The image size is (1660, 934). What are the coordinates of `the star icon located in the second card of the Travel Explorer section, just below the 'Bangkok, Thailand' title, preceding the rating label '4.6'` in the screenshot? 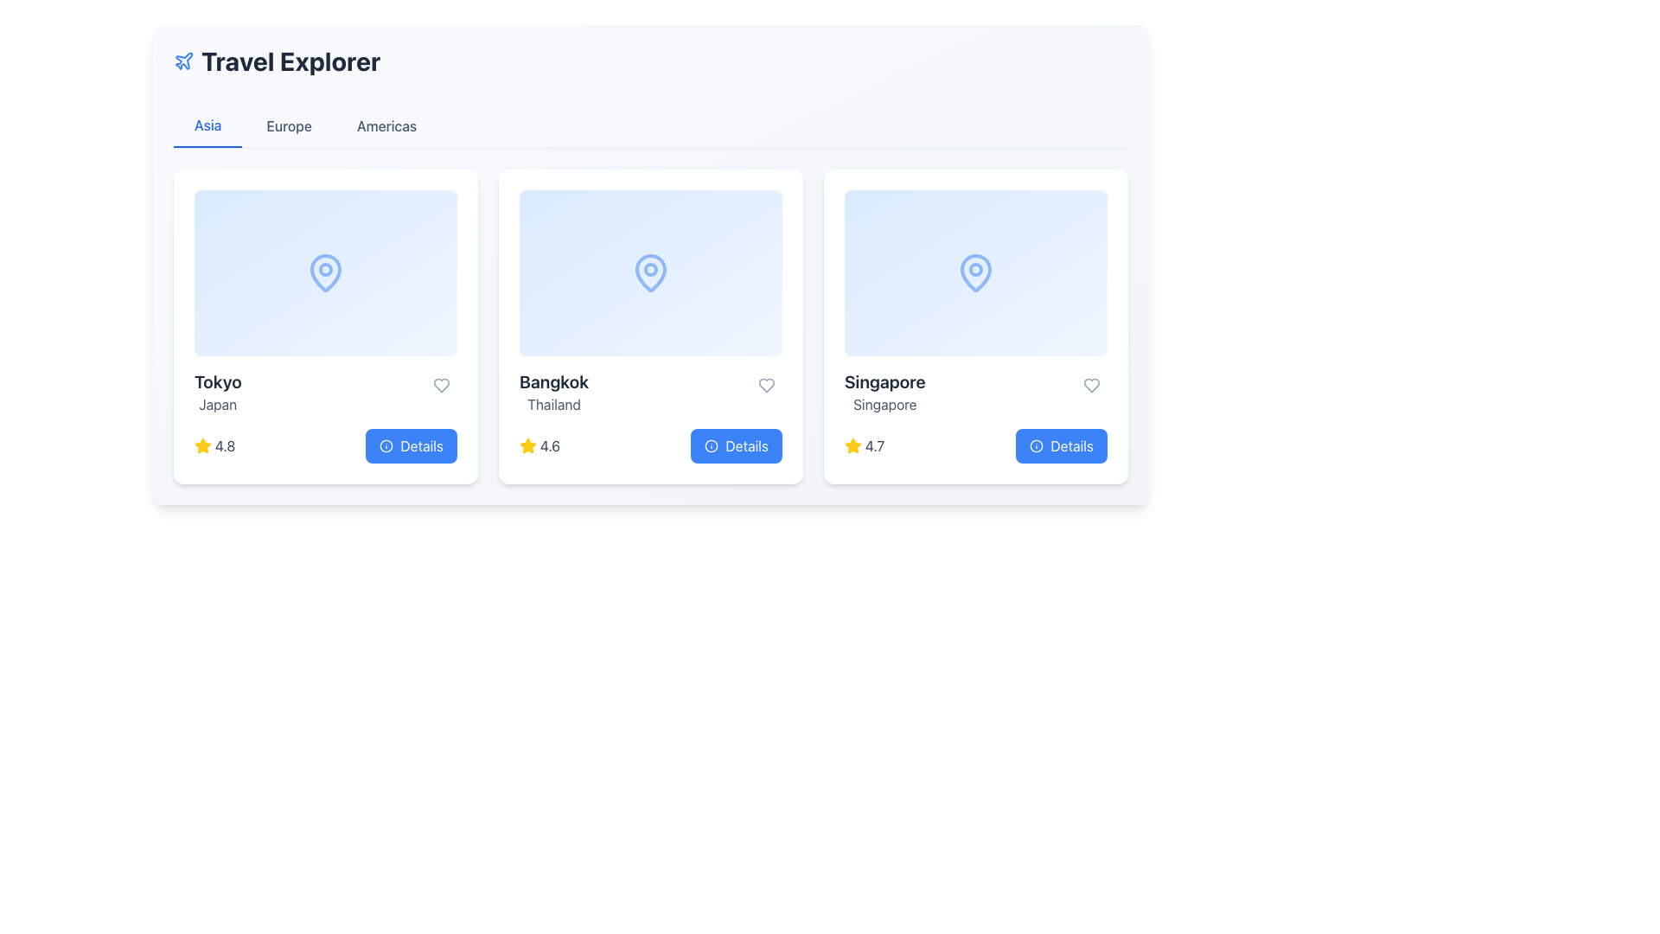 It's located at (527, 445).